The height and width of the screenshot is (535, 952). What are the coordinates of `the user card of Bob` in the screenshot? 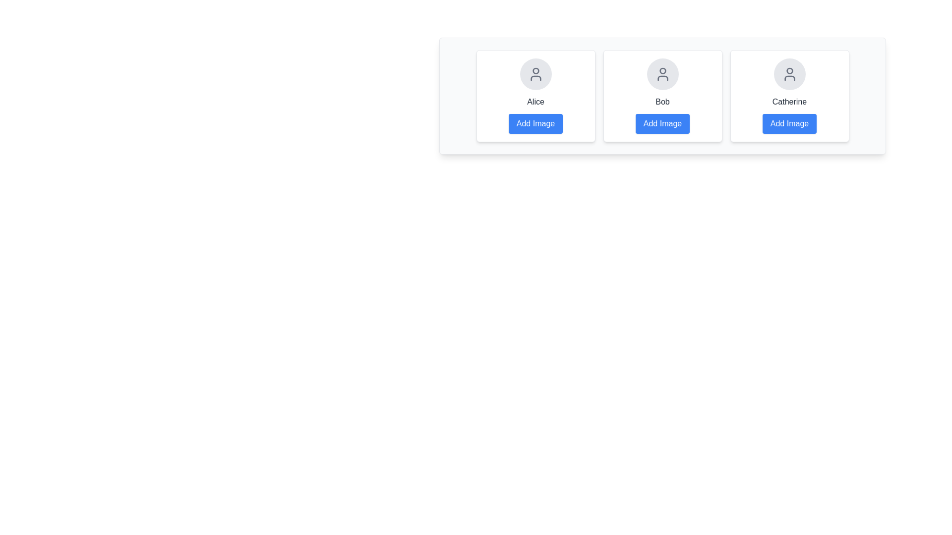 It's located at (662, 96).